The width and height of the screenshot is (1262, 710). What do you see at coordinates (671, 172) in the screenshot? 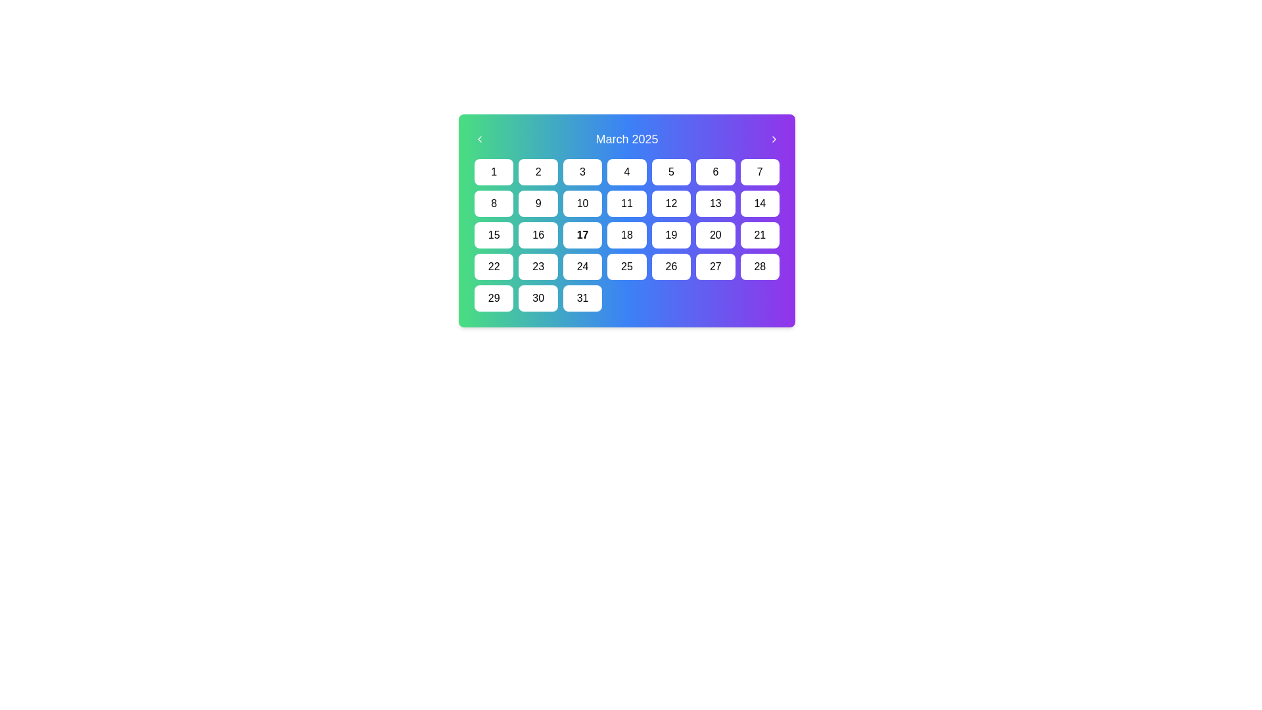
I see `the button representing the 5th day of the month on the calendar interface` at bounding box center [671, 172].